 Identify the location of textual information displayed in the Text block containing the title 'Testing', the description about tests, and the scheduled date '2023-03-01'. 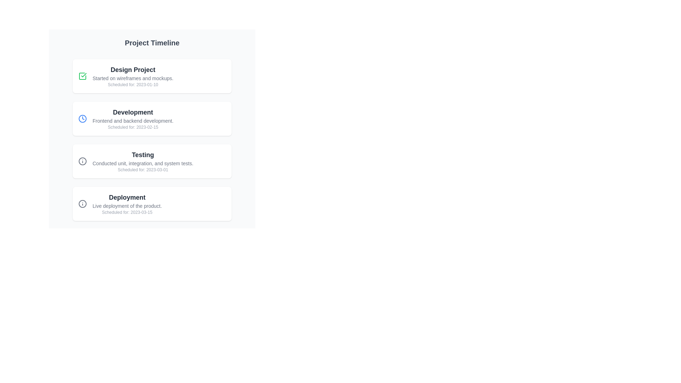
(143, 161).